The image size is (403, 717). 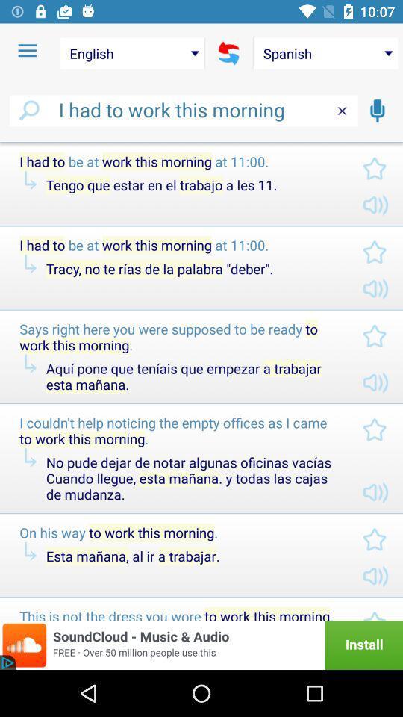 I want to click on vocal speaking function, so click(x=376, y=110).